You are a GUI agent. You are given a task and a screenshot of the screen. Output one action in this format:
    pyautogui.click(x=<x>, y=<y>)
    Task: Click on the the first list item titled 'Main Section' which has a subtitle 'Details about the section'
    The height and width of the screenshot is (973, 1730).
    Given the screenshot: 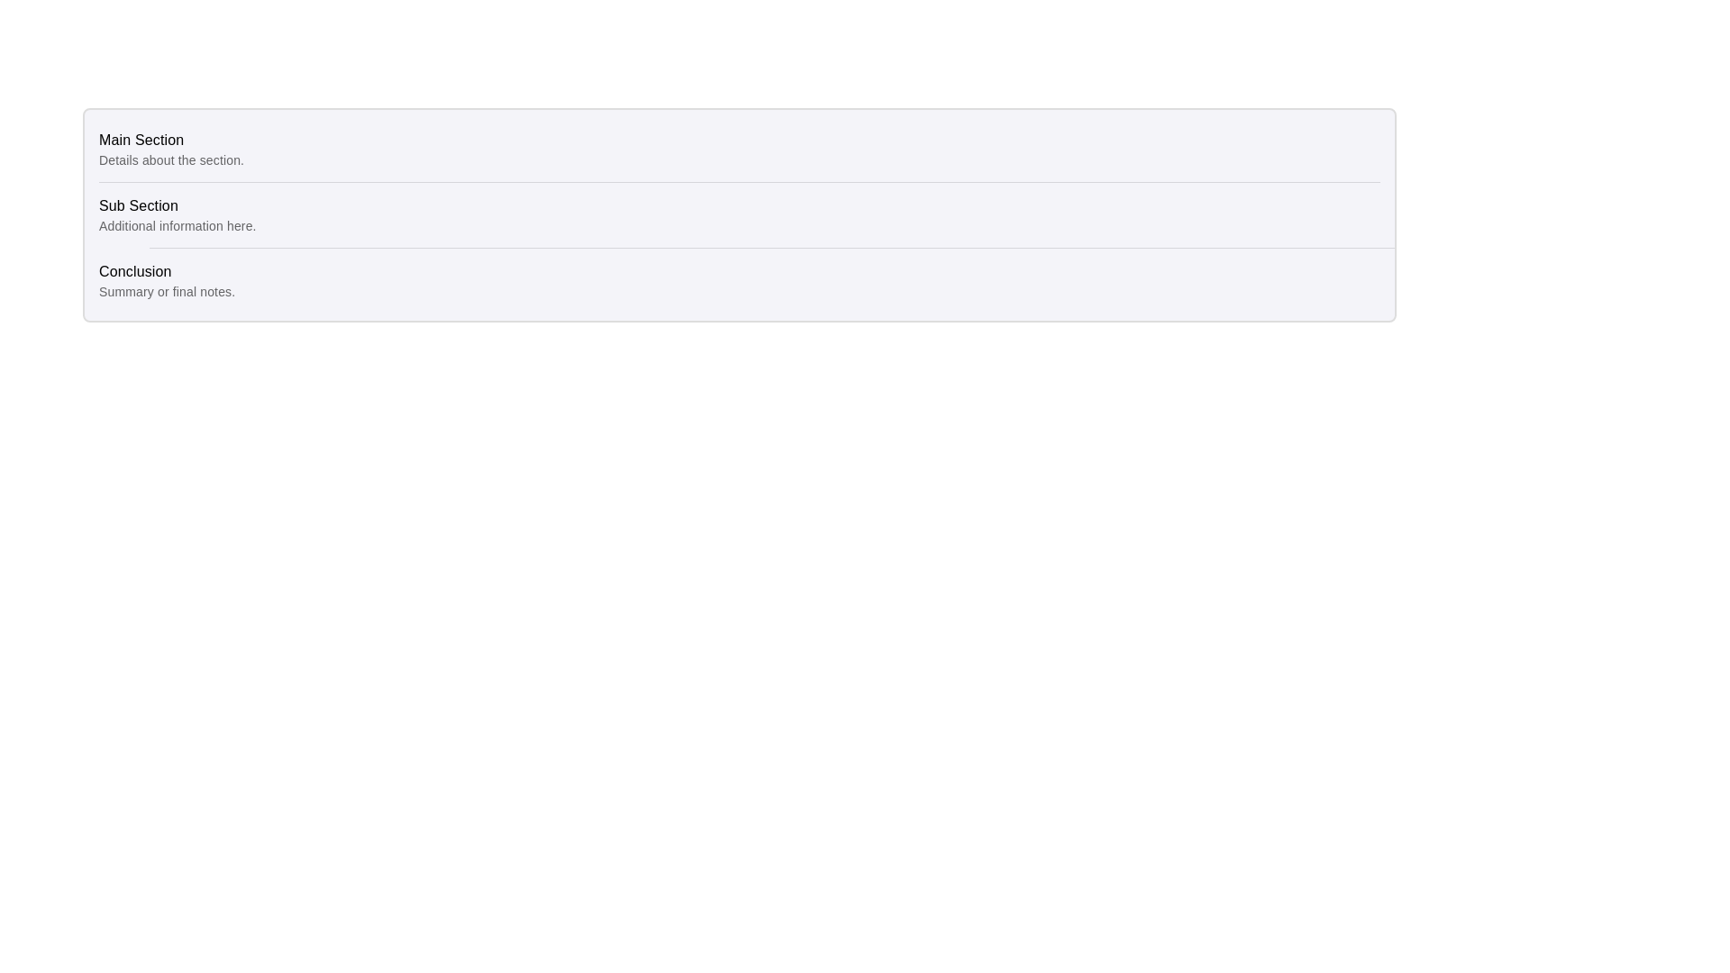 What is the action you would take?
    pyautogui.click(x=739, y=148)
    